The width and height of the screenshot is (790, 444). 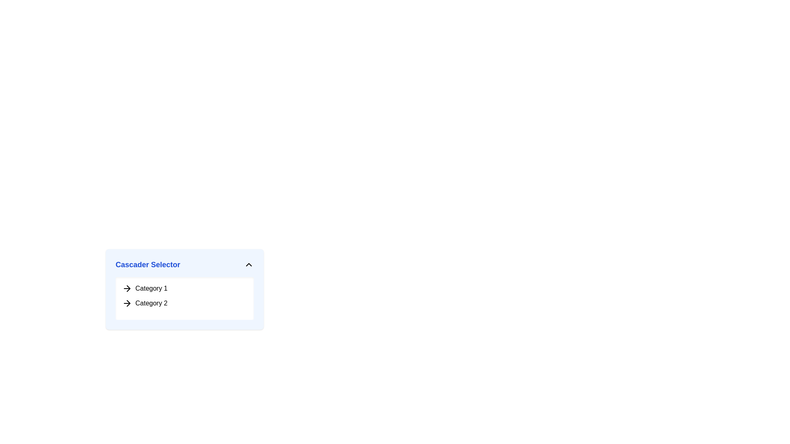 What do you see at coordinates (126, 303) in the screenshot?
I see `keyboard navigation` at bounding box center [126, 303].